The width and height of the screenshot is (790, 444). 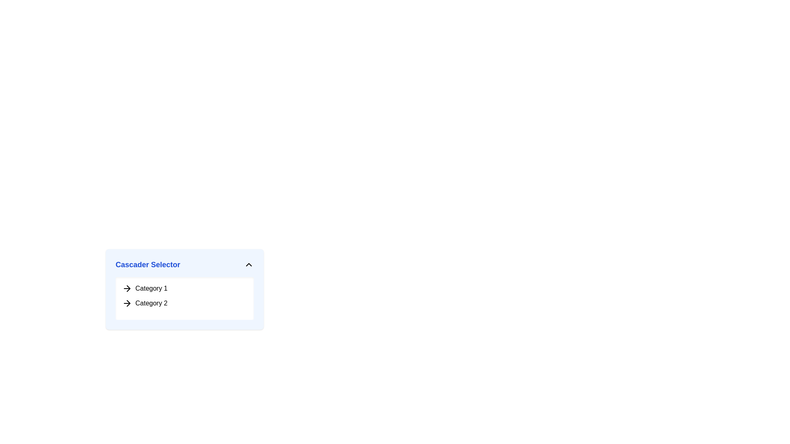 What do you see at coordinates (126, 303) in the screenshot?
I see `keyboard navigation` at bounding box center [126, 303].